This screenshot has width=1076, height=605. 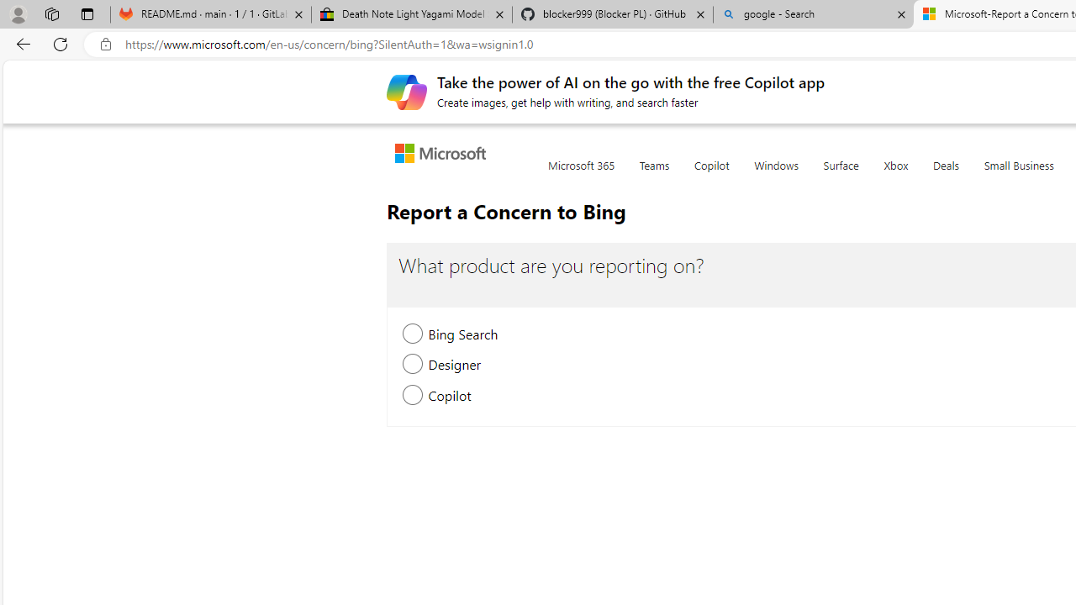 I want to click on 'Microsoft 365', so click(x=581, y=175).